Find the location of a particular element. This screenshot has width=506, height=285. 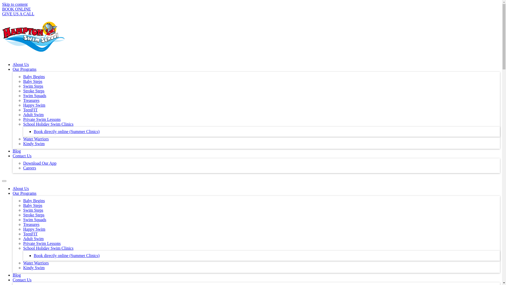

'School Holiday Swim Clinics' is located at coordinates (48, 248).